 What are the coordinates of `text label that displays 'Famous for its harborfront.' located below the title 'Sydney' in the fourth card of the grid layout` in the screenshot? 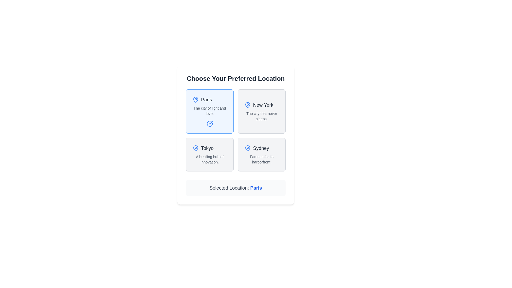 It's located at (262, 159).